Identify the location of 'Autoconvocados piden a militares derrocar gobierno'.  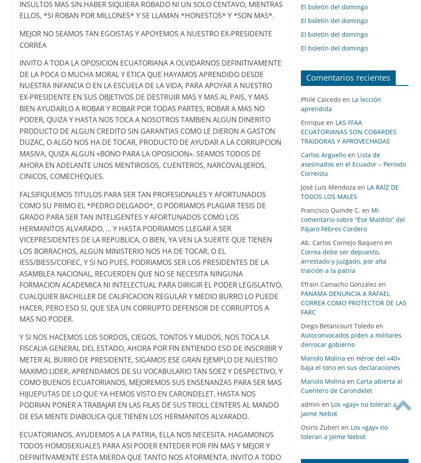
(350, 340).